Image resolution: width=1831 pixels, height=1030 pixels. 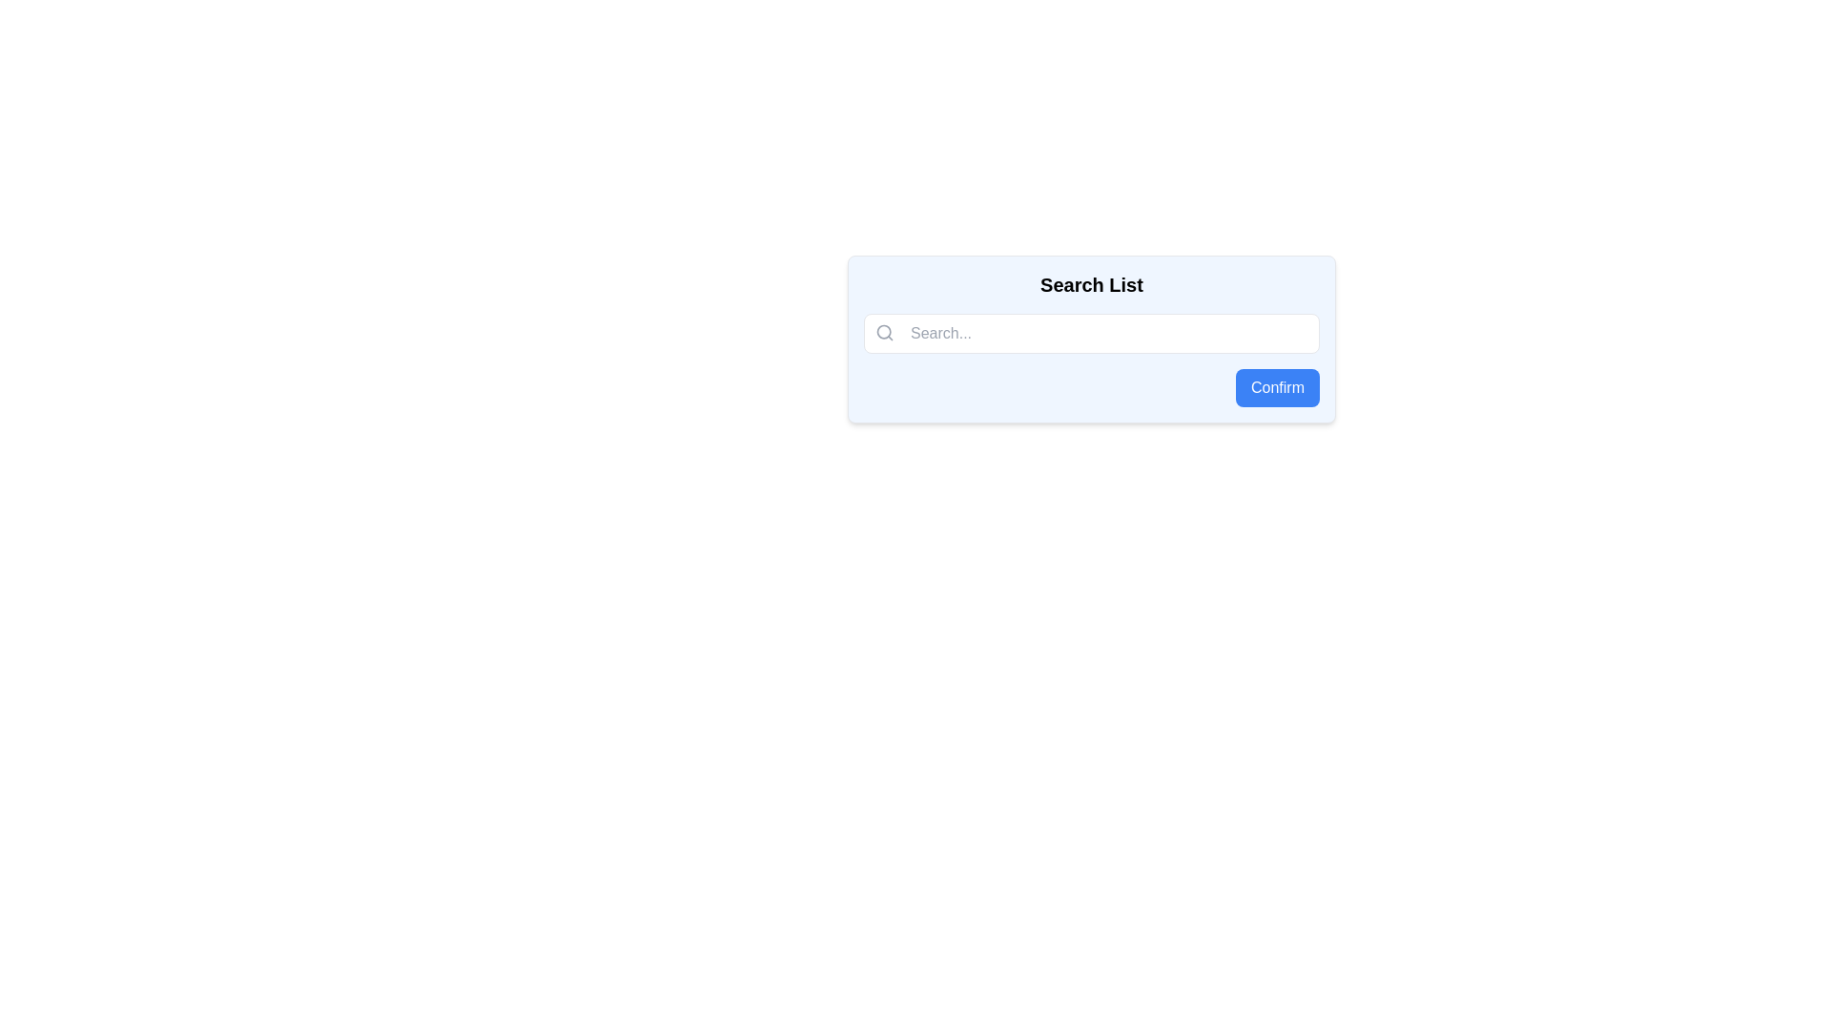 What do you see at coordinates (883, 331) in the screenshot?
I see `the circular element of the magnifying glass icon located on the left part of the search bar in the center of the modal` at bounding box center [883, 331].